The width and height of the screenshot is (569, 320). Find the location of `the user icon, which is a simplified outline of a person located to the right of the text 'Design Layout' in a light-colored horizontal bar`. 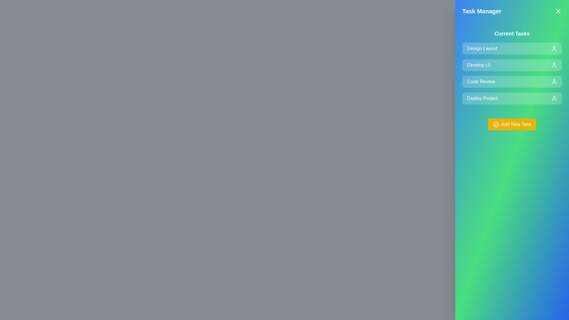

the user icon, which is a simplified outline of a person located to the right of the text 'Design Layout' in a light-colored horizontal bar is located at coordinates (554, 48).